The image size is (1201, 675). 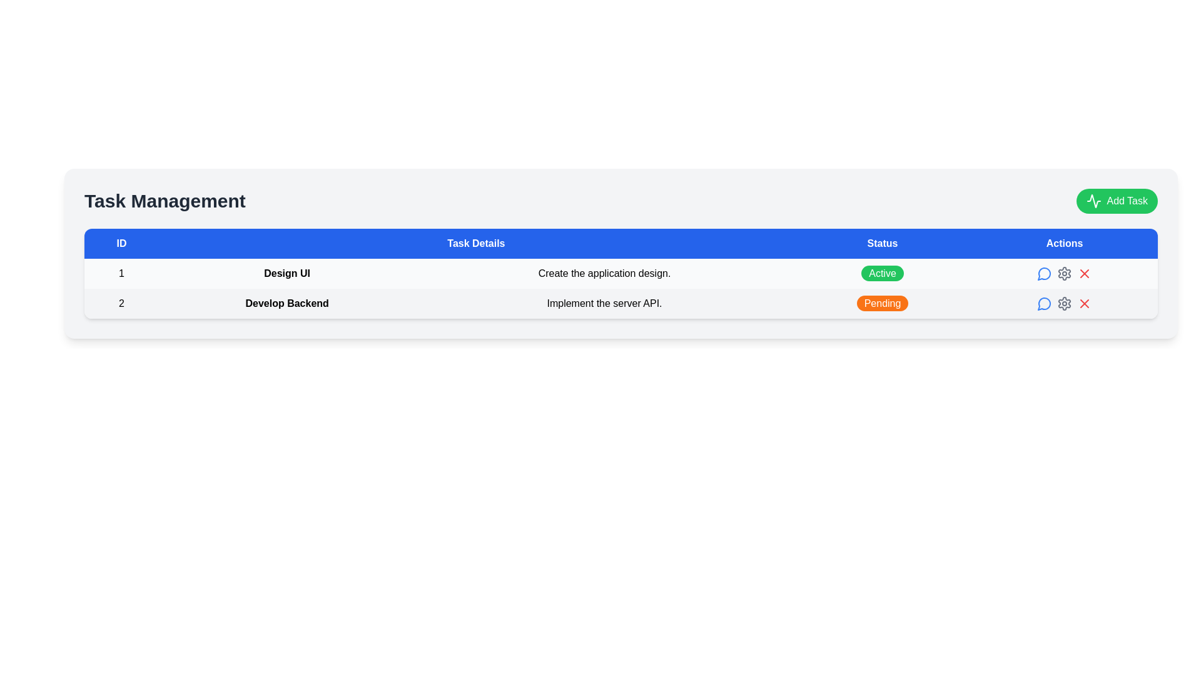 I want to click on the bold text 'Design UI' located in the first row of the 'Task Details' column of the table, which is surrounded by the '1' identifier on the left and the text 'Create the application design.' on the right, so click(x=286, y=273).